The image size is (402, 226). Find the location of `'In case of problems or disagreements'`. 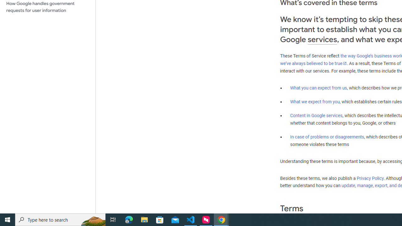

'In case of problems or disagreements' is located at coordinates (327, 136).